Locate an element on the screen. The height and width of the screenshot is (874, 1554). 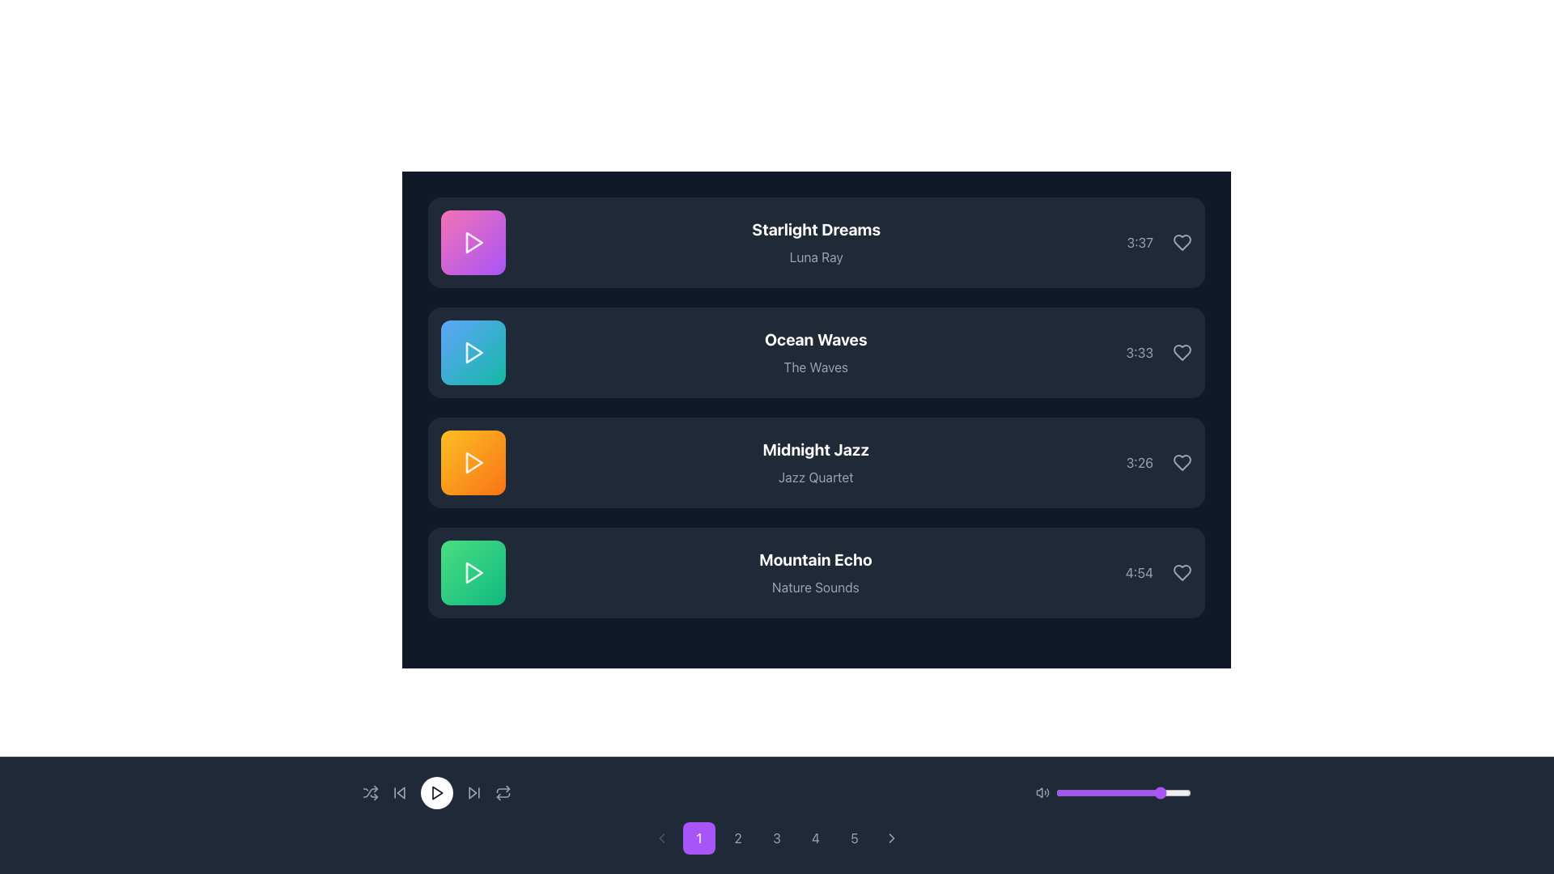
the interactive gray button with a circular arrow icon is located at coordinates (503, 791).